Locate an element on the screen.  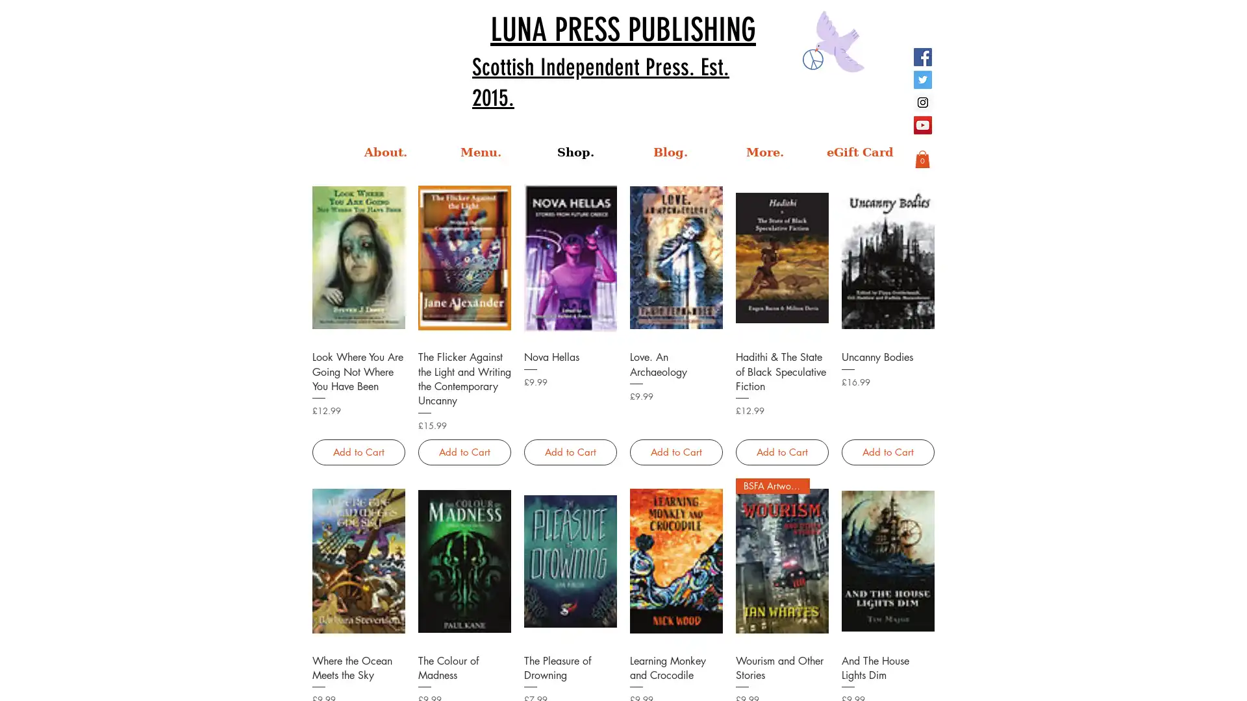
Cart with 0 items is located at coordinates (922, 158).